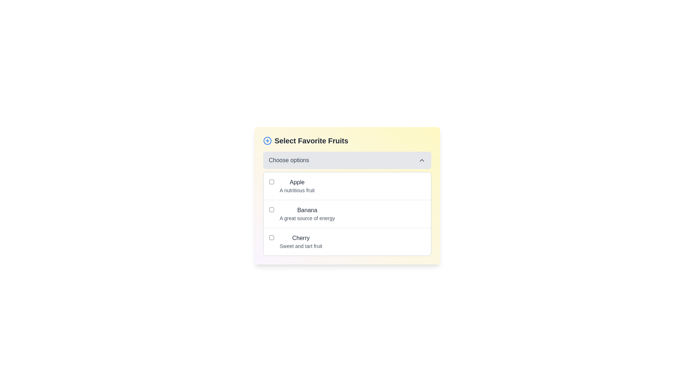  I want to click on the blue plus icon (circle-plus) next to the 'Select Favorite Fruits' label, so click(347, 141).